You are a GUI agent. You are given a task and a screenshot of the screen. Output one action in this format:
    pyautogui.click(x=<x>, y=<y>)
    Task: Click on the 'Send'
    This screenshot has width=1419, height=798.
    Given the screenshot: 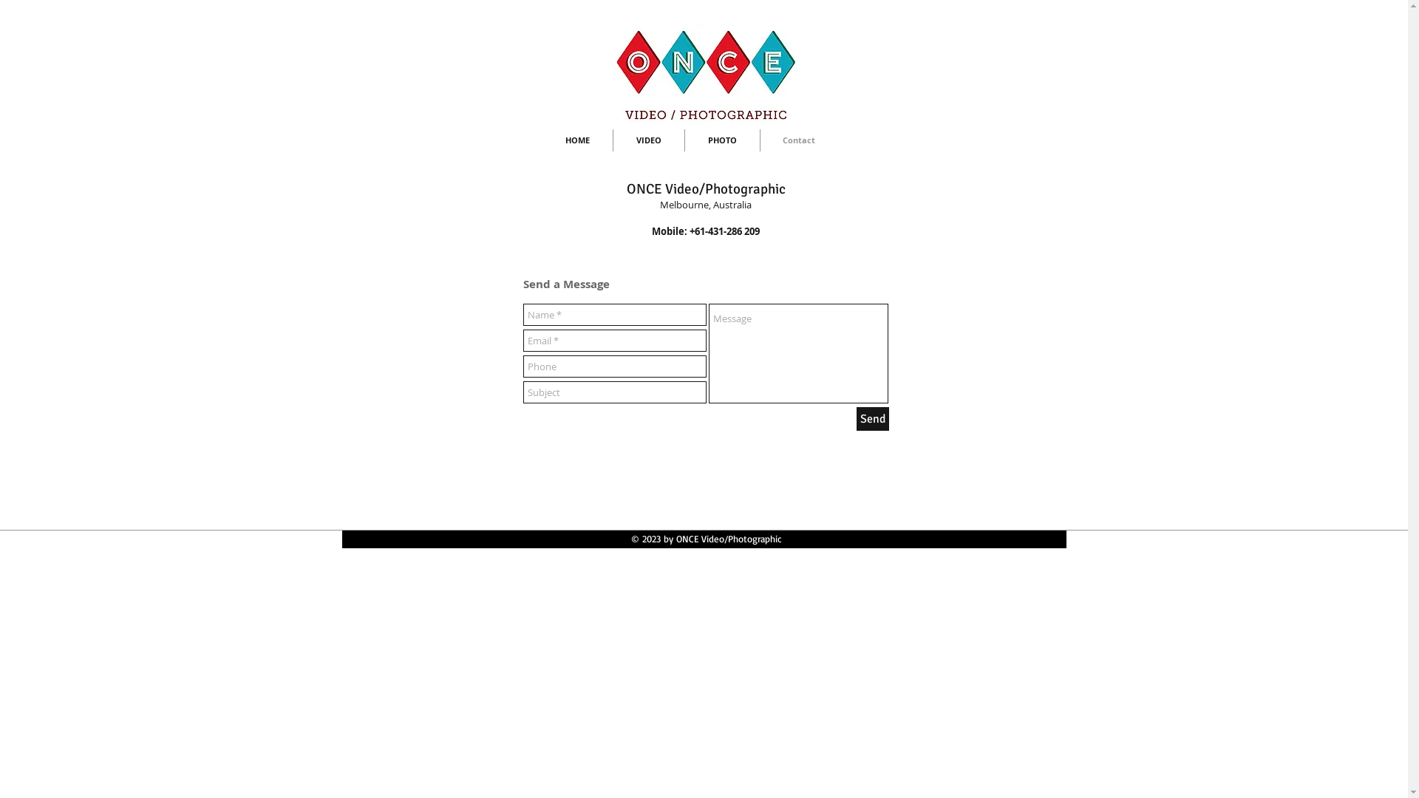 What is the action you would take?
    pyautogui.click(x=855, y=419)
    